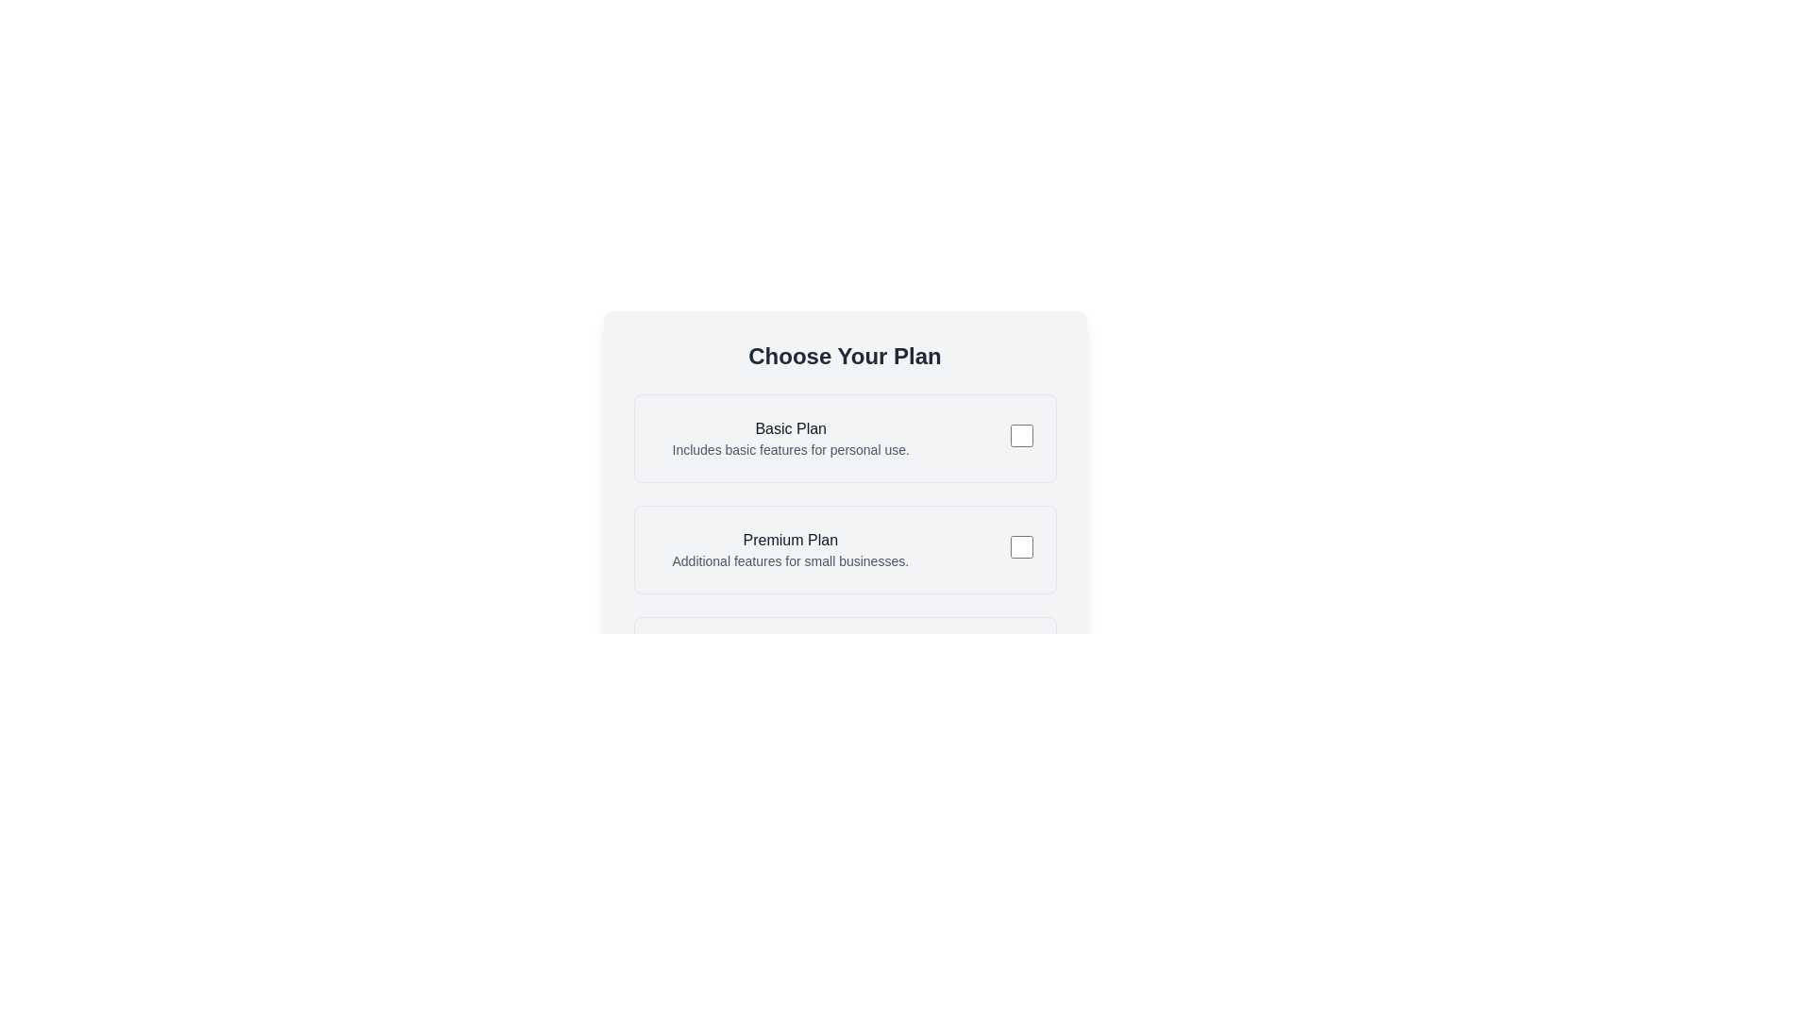 The image size is (1812, 1019). What do you see at coordinates (791, 429) in the screenshot?
I see `the static text label 'Basic Plan' which is rendered in bold black font and located within a card-like section above the subtext 'Includes basic features for personal use.'` at bounding box center [791, 429].